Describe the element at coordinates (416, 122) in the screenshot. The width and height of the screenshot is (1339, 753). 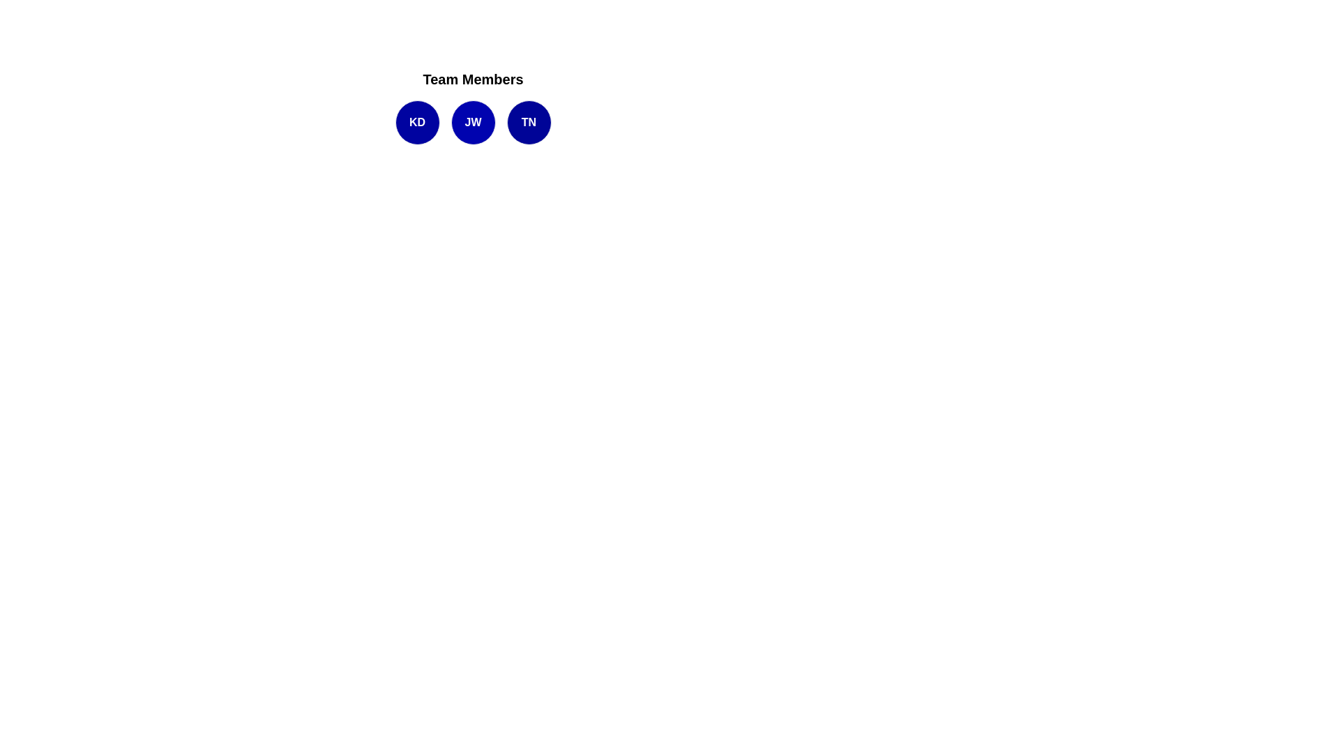
I see `the text label indicating the initials 'KD' located inside the first circular badge under the heading 'Team Members'` at that location.